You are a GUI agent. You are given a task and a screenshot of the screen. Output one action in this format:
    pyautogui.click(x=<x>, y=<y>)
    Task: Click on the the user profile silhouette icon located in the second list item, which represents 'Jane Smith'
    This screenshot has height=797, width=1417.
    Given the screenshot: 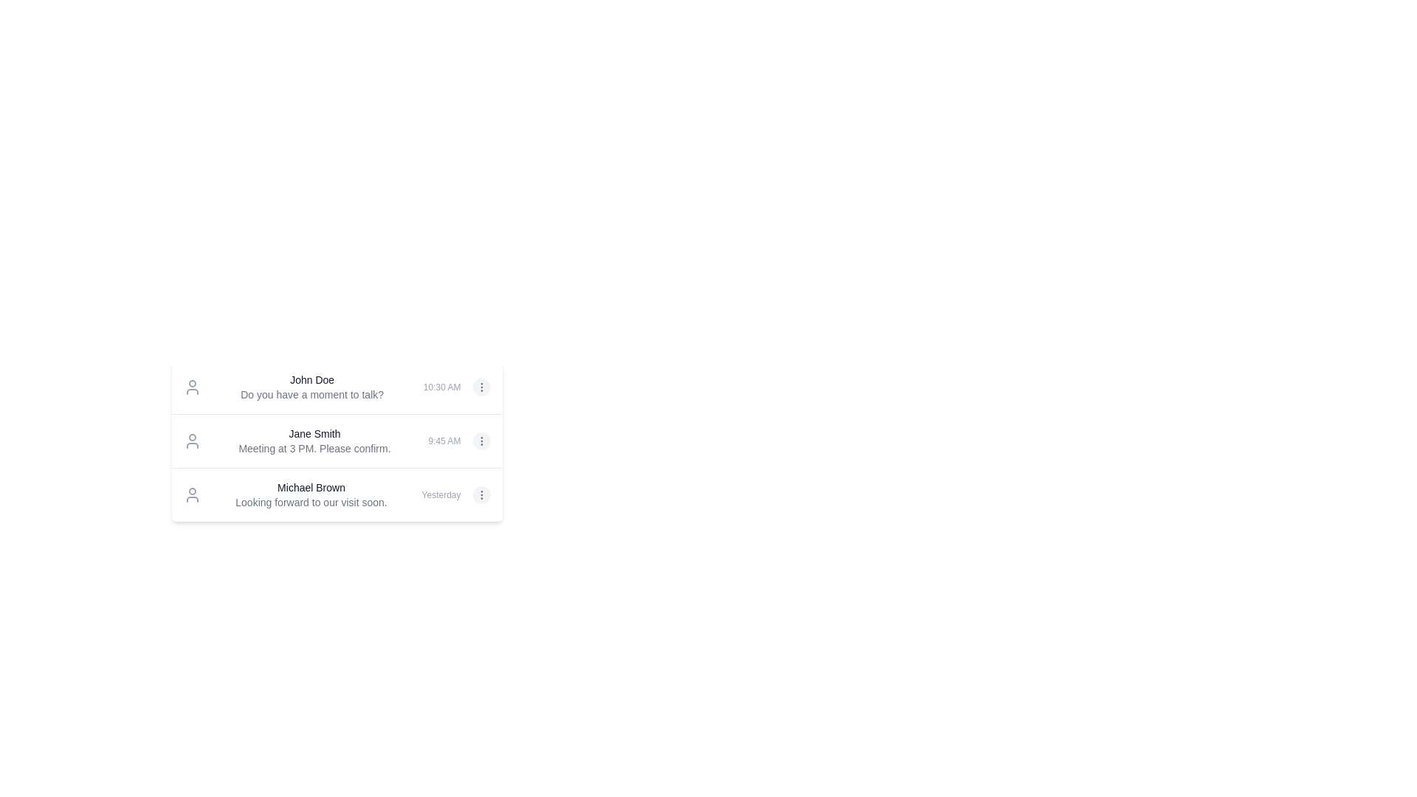 What is the action you would take?
    pyautogui.click(x=191, y=440)
    